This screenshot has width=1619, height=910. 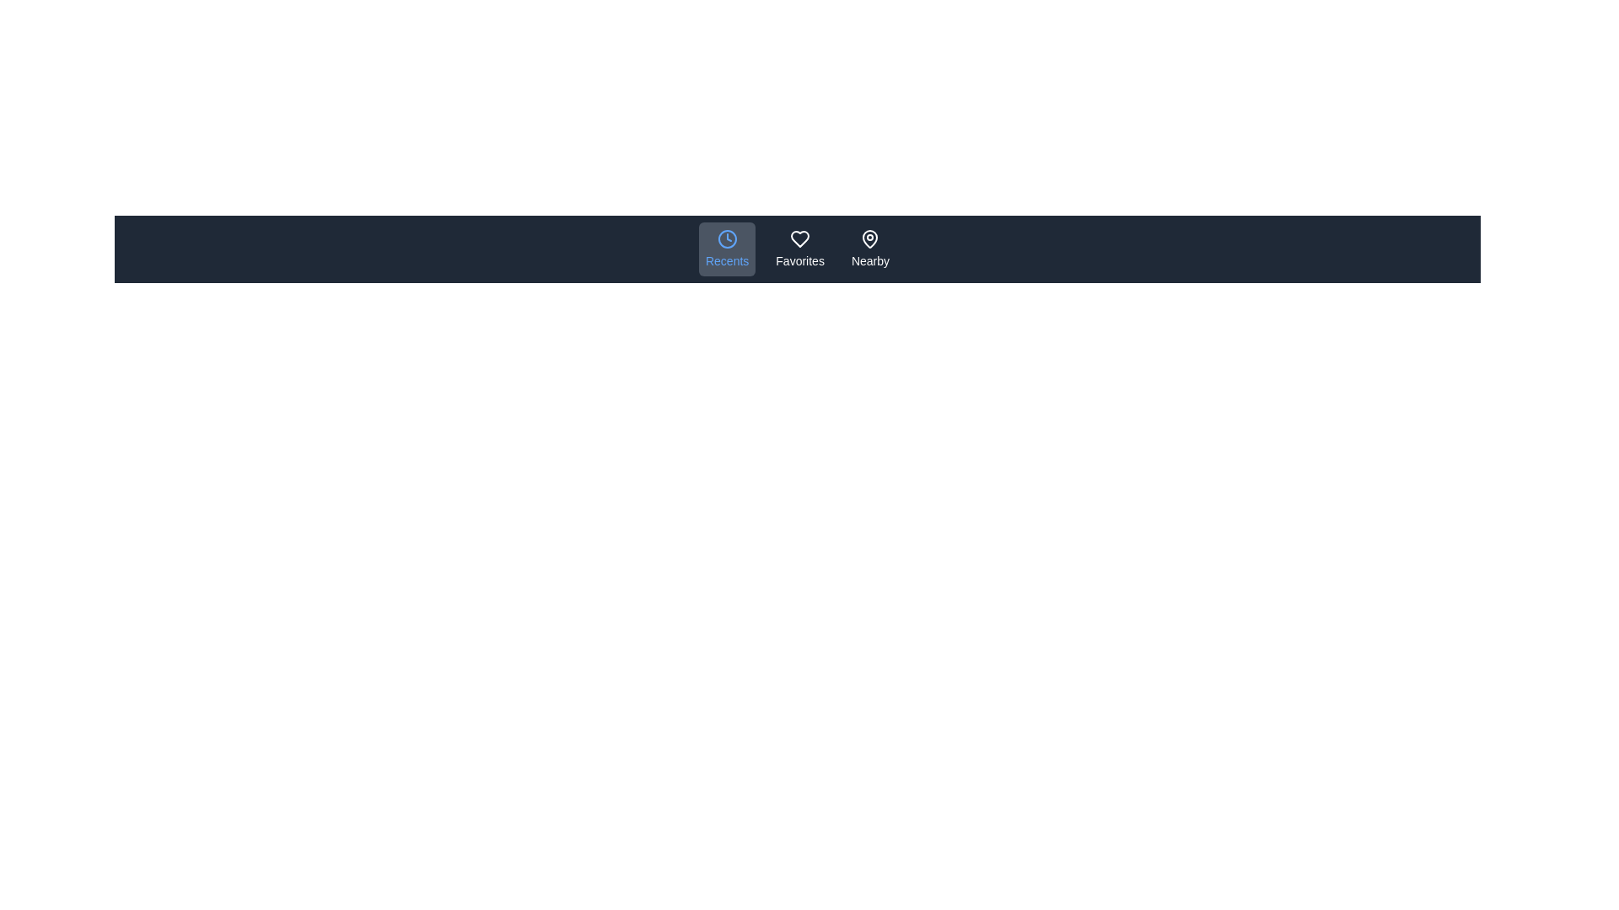 What do you see at coordinates (799, 249) in the screenshot?
I see `the navigation option labeled Favorites` at bounding box center [799, 249].